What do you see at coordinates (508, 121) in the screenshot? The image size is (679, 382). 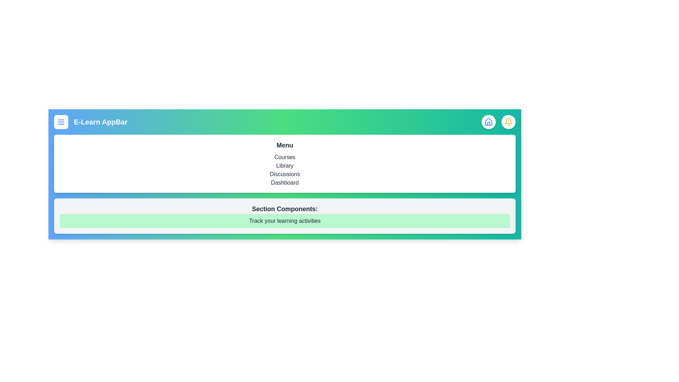 I see `the notification button to view alerts` at bounding box center [508, 121].